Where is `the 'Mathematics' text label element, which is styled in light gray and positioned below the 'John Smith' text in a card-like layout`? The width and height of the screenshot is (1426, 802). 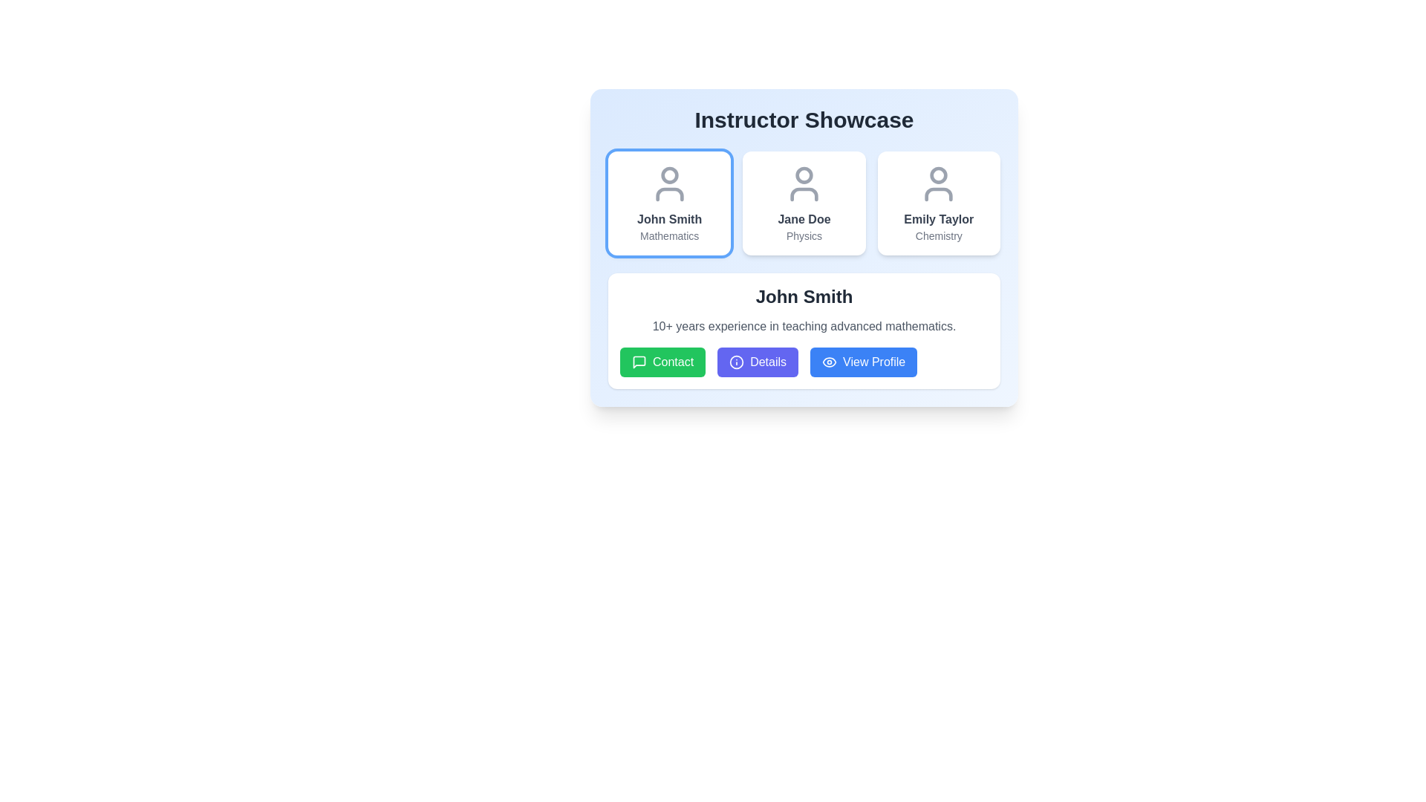
the 'Mathematics' text label element, which is styled in light gray and positioned below the 'John Smith' text in a card-like layout is located at coordinates (668, 235).